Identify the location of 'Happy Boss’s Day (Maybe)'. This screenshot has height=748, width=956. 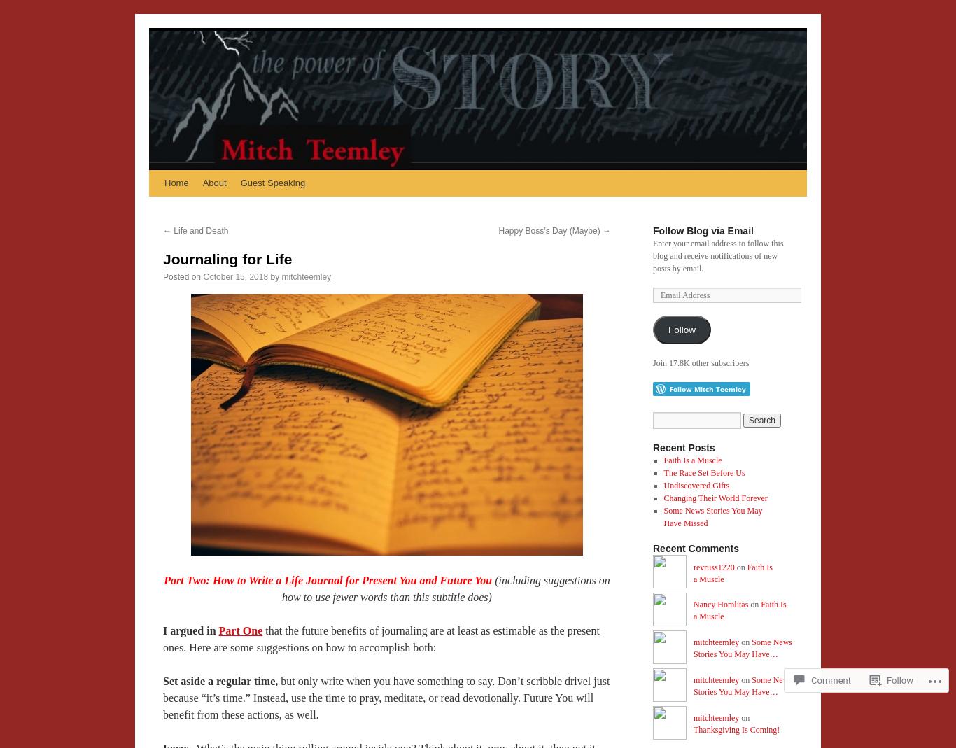
(550, 231).